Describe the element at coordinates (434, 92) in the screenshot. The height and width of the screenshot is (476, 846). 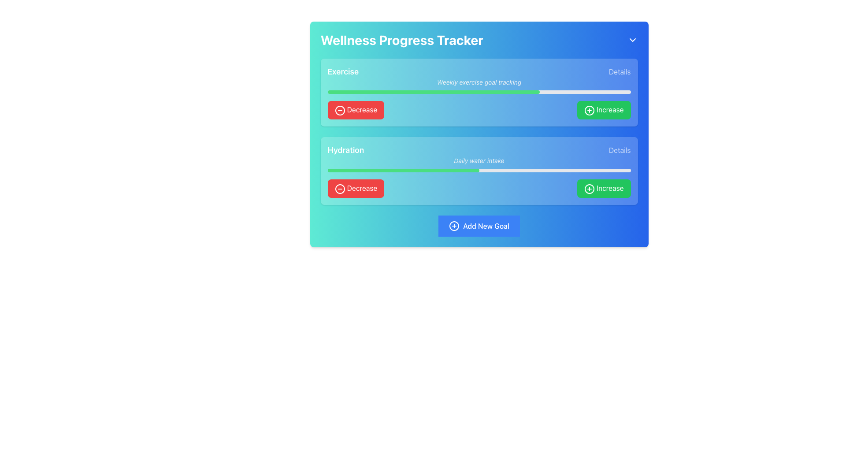
I see `the Progress Indicator that visually indicates a 70% completion towards the weekly exercise goal, located under the 'Weekly exercise goal tracking' heading` at that location.